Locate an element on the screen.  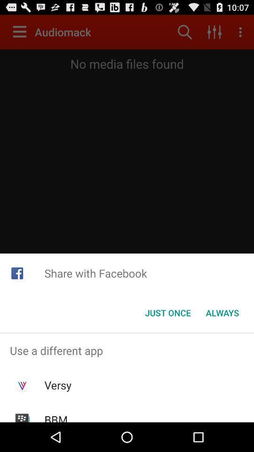
the icon above versy app is located at coordinates (127, 350).